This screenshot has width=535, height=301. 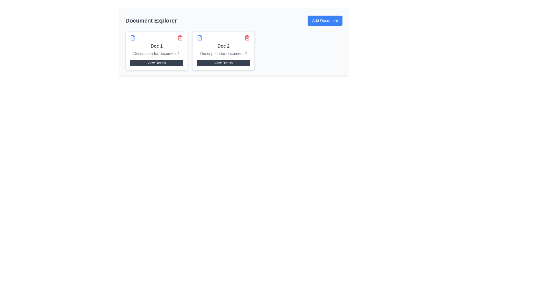 What do you see at coordinates (180, 38) in the screenshot?
I see `the trash can icon located to the right of the title 'Doc 1' to initiate the delete action for the associated document` at bounding box center [180, 38].